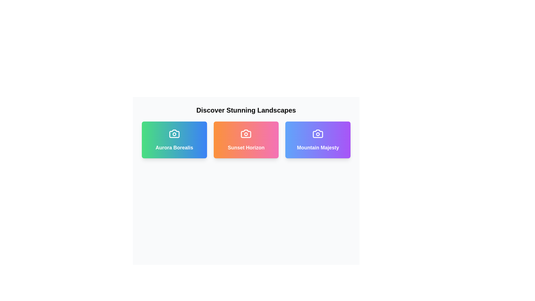  Describe the element at coordinates (246, 133) in the screenshot. I see `the camera icon in the middle card labeled 'Sunset Horizon', which is positioned between the cards 'Aurora Borealis' and 'Mountain Majesty'` at that location.